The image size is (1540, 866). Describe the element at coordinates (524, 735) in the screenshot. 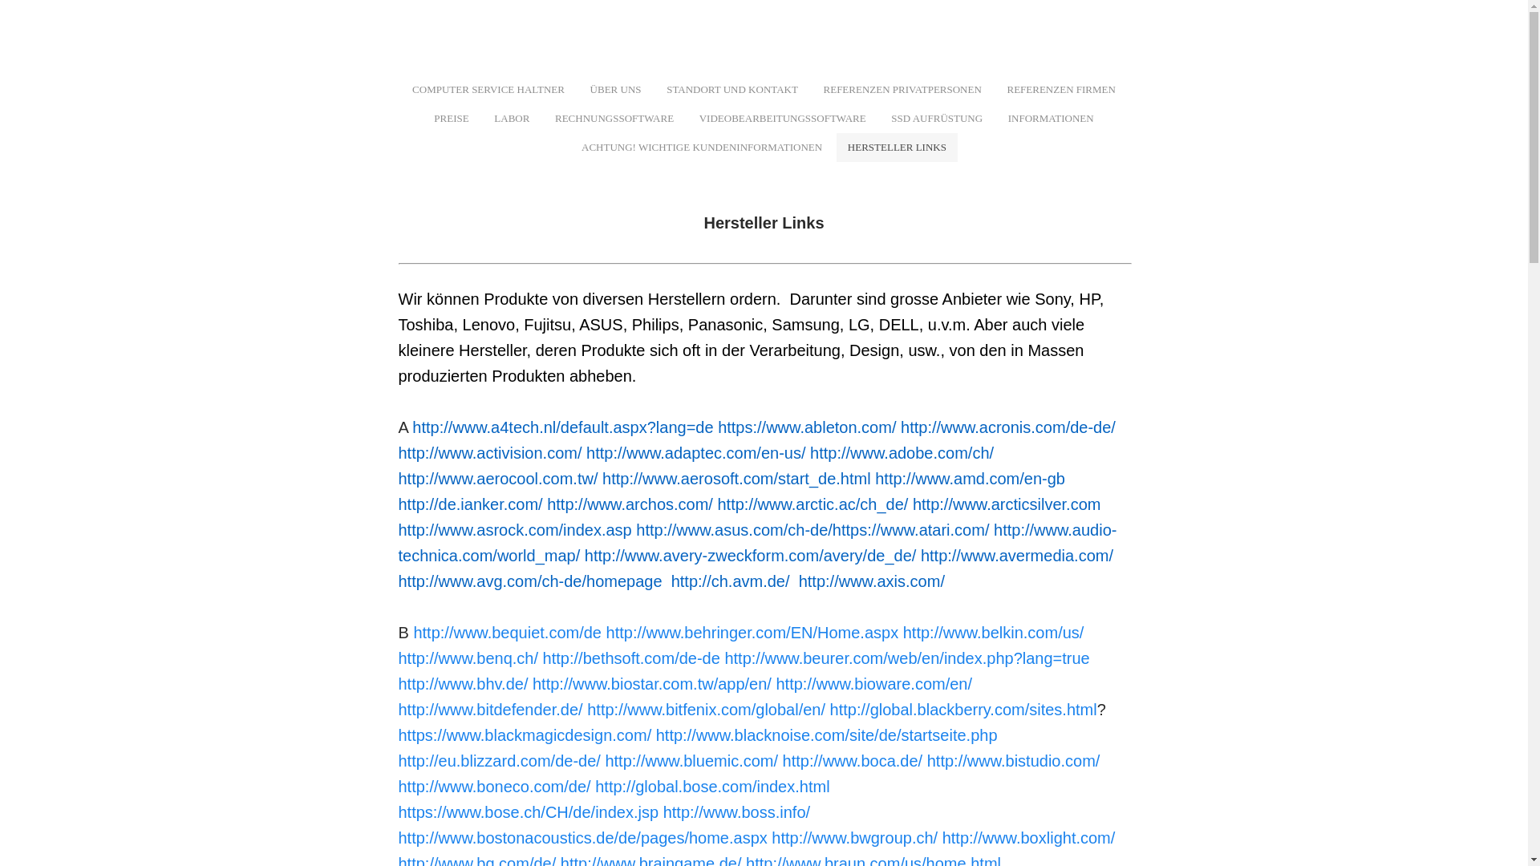

I see `'https://www.blackmagicdesign.com/'` at that location.